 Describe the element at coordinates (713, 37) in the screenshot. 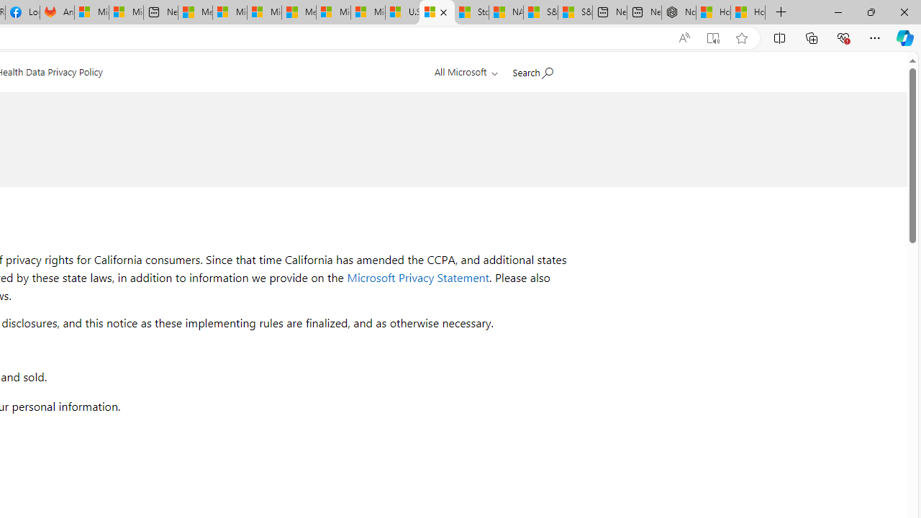

I see `'Enter Immersive Reader (F9)'` at that location.